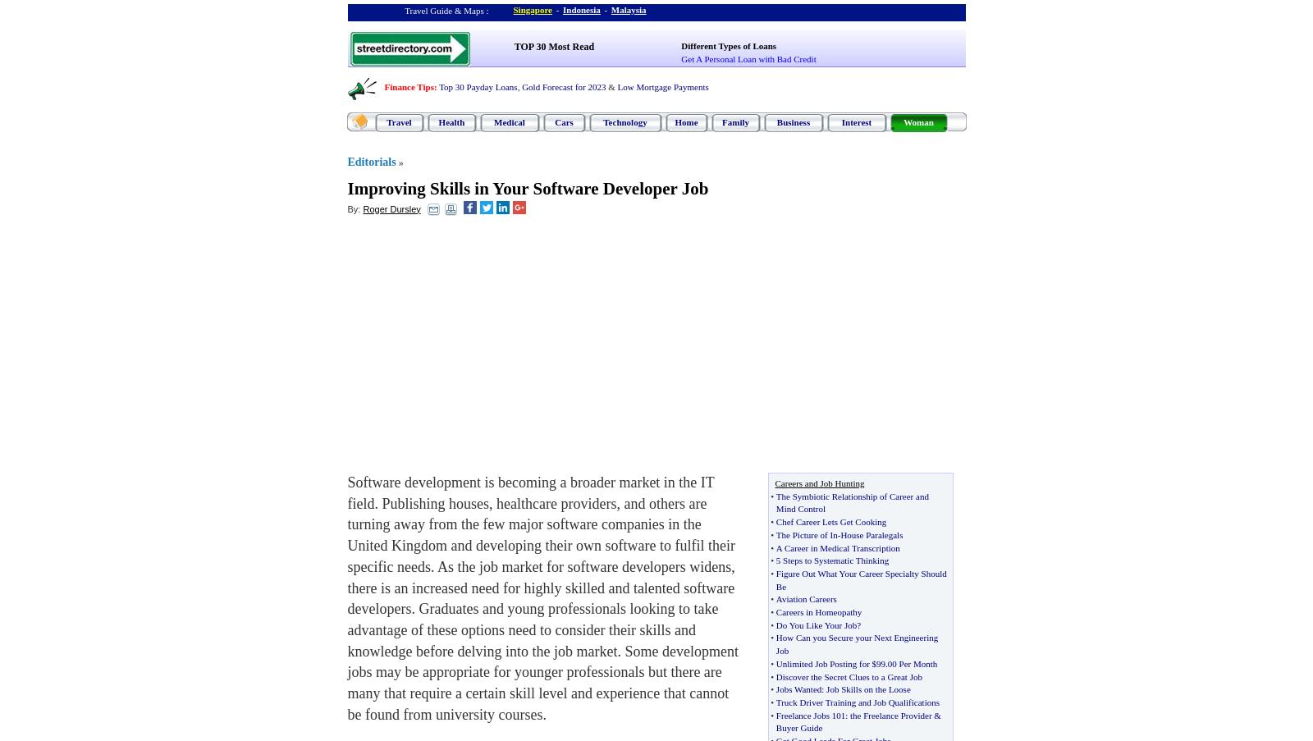 Image resolution: width=1313 pixels, height=741 pixels. Describe the element at coordinates (818, 483) in the screenshot. I see `'Careers and Job Hunting'` at that location.